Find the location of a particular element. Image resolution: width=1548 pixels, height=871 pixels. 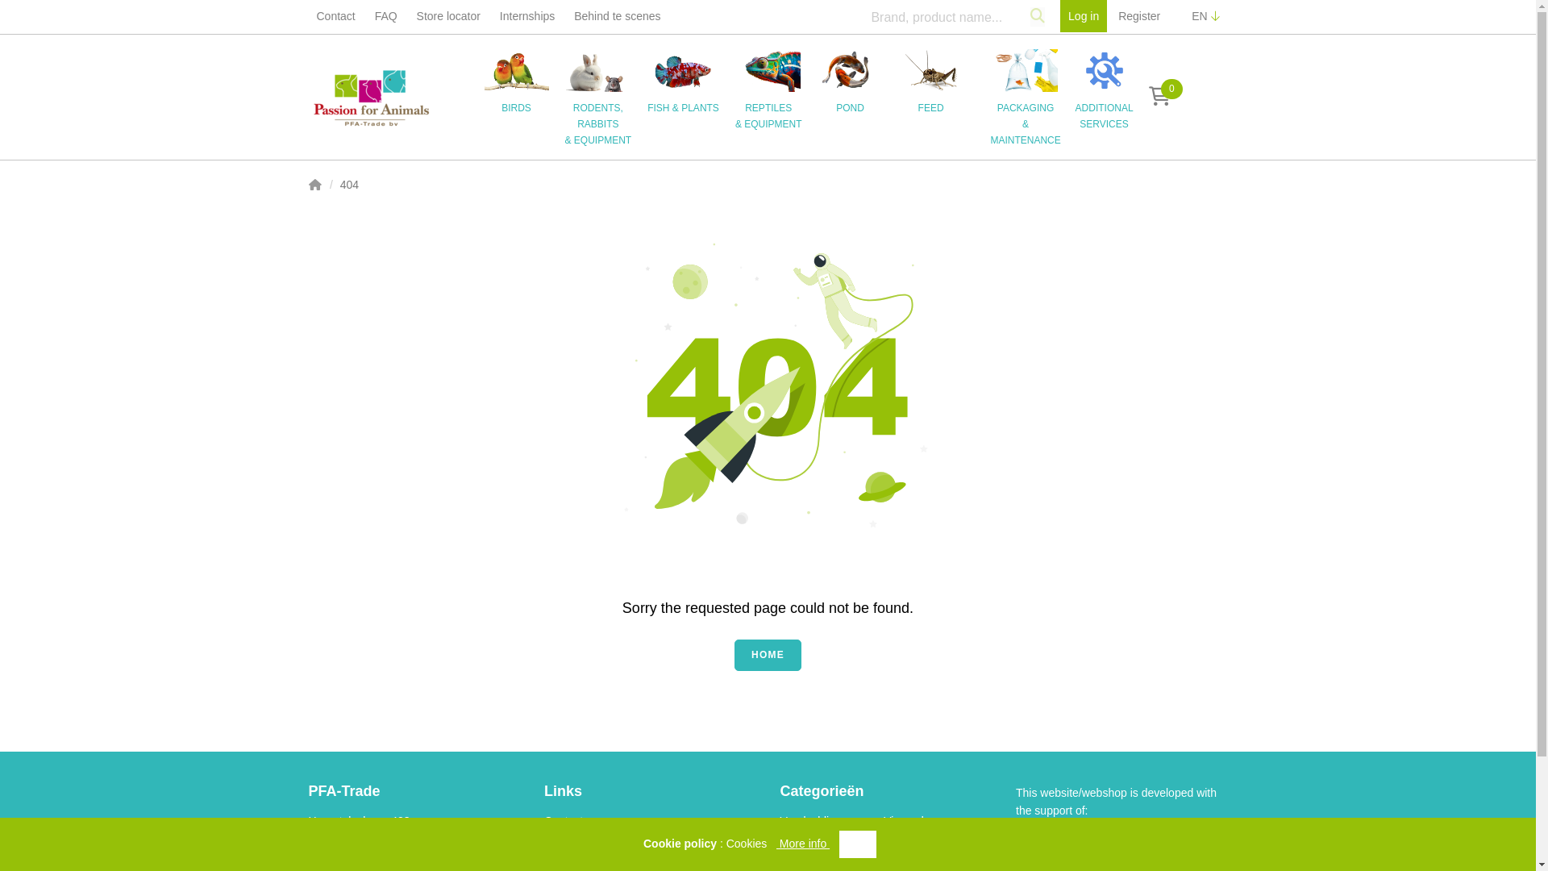

'BIRDS' is located at coordinates (523, 81).